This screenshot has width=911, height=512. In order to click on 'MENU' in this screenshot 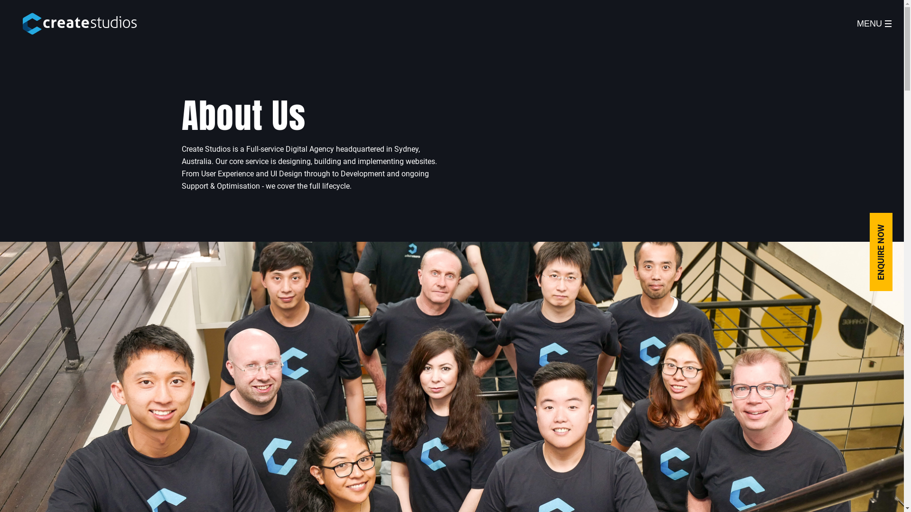, I will do `click(874, 23)`.